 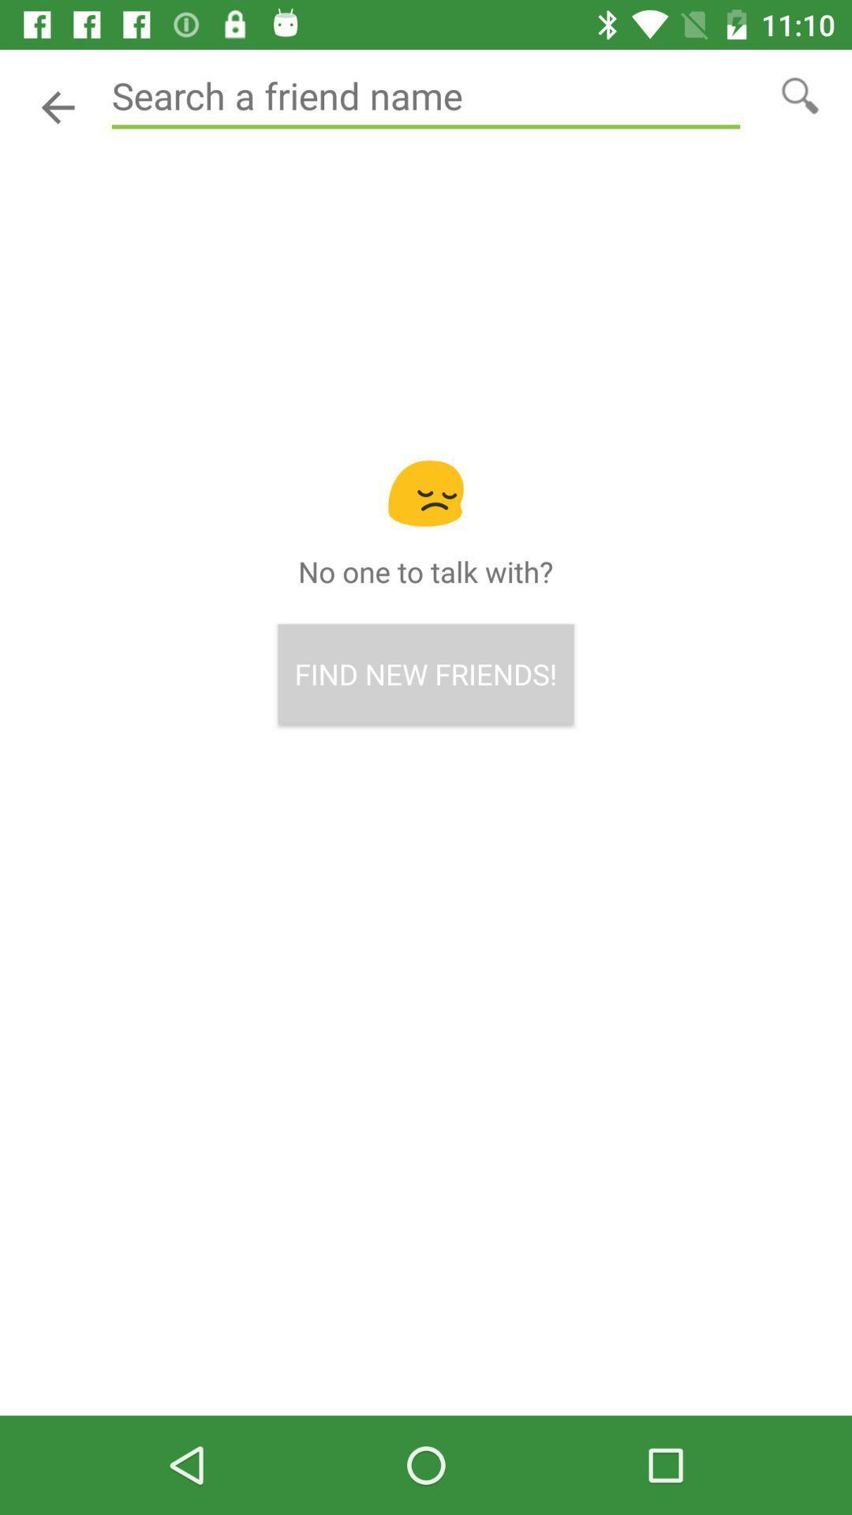 I want to click on return previous screen, so click(x=57, y=107).